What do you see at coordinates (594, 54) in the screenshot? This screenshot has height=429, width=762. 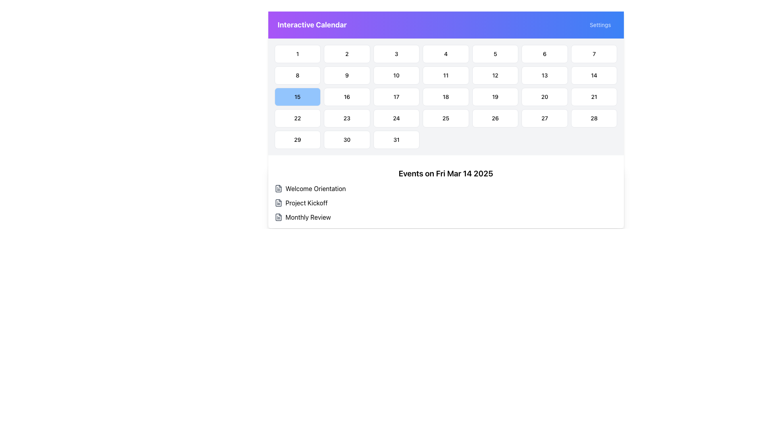 I see `the calendar date cell representing the day '7'` at bounding box center [594, 54].